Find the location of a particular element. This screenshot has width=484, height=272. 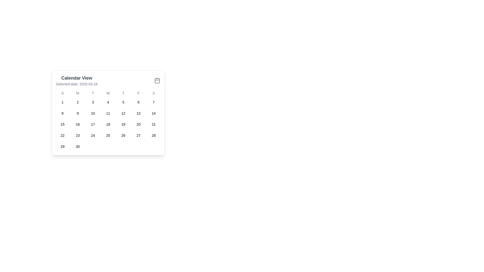

the inner rectangle of the calendar icon located in the top-right corner of the calendar interface, which serves a decorative purpose is located at coordinates (157, 80).